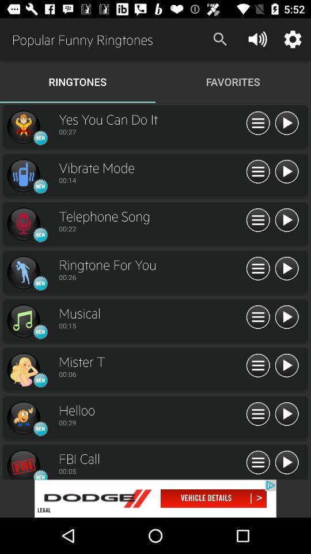 The image size is (311, 554). I want to click on open the profile page of ringtone uploader, so click(23, 175).